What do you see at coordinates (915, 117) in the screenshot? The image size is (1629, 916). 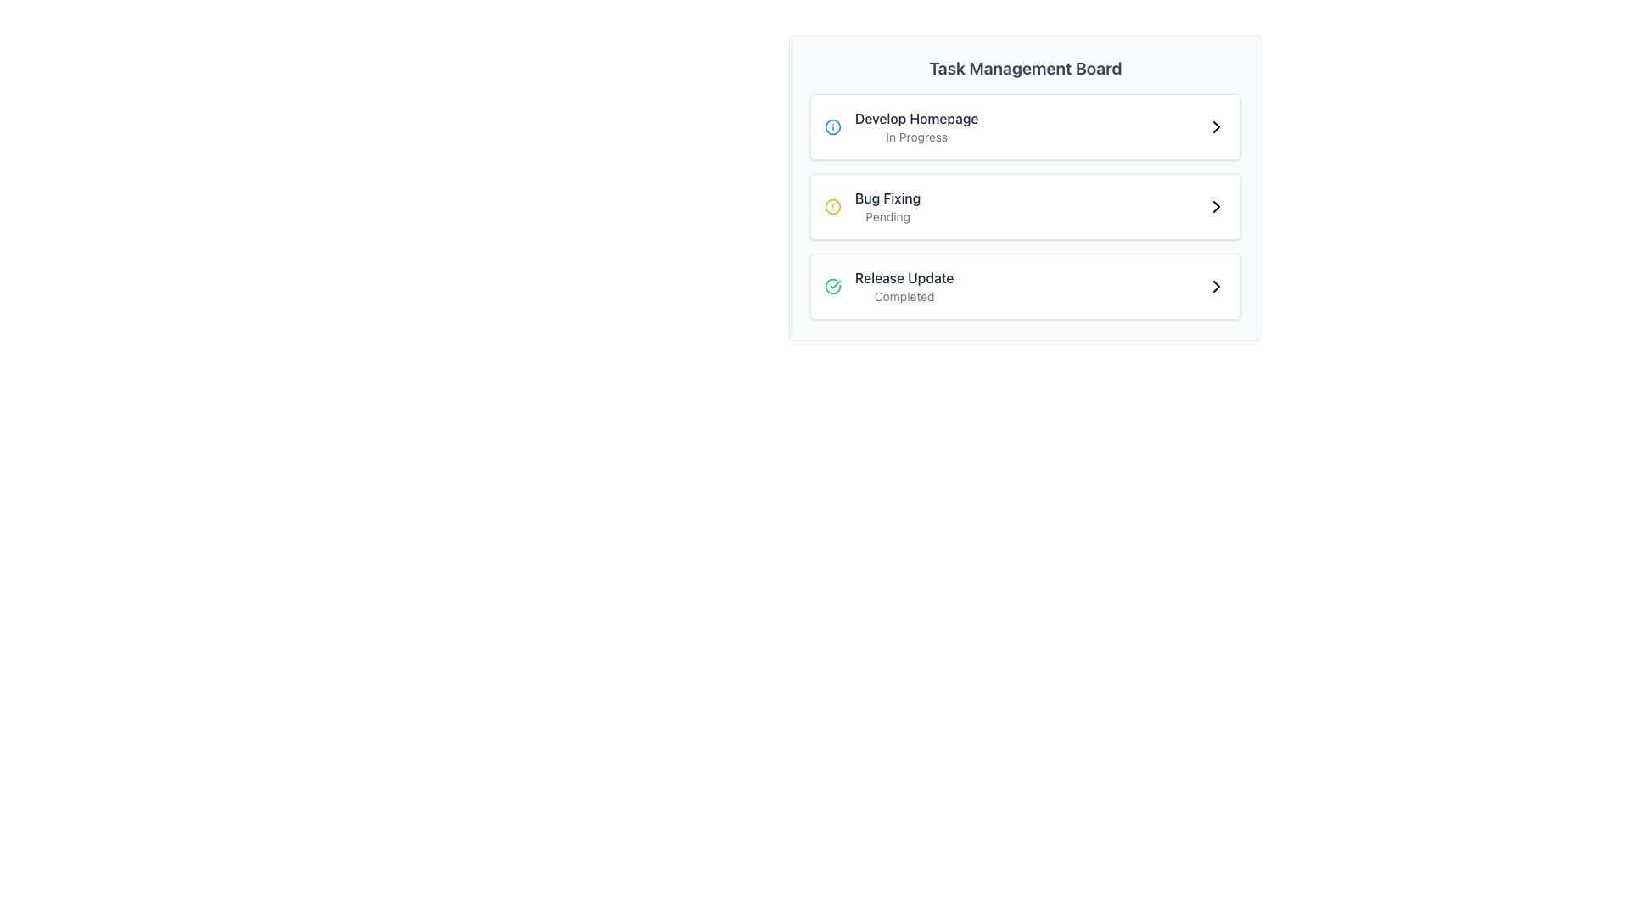 I see `the 'Develop Homepage' label located in the first card of the task management board interface, which is styled with a medium-weight font and dark gray color, positioned above the text 'In Progress'` at bounding box center [915, 117].